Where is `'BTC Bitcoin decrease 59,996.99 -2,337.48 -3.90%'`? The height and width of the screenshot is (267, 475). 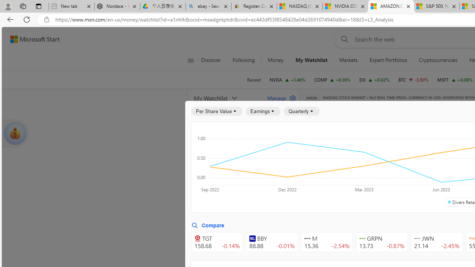 'BTC Bitcoin decrease 59,996.99 -2,337.48 -3.90%' is located at coordinates (413, 79).